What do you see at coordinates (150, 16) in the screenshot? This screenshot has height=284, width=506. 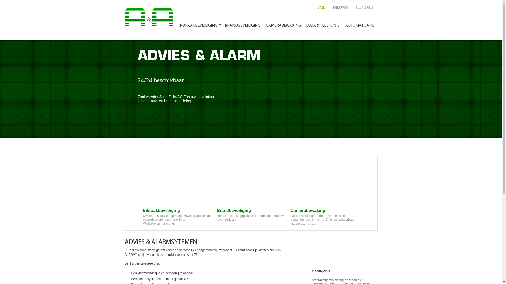 I see `'Advies en Alarm'` at bounding box center [150, 16].